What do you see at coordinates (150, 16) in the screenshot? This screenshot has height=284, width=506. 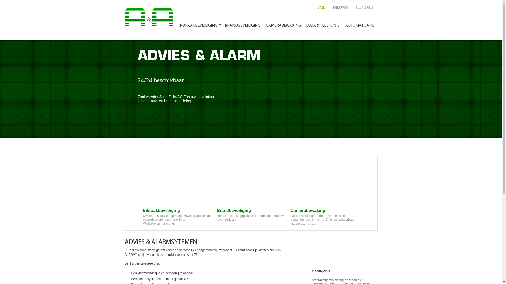 I see `'Advies en Alarm'` at bounding box center [150, 16].